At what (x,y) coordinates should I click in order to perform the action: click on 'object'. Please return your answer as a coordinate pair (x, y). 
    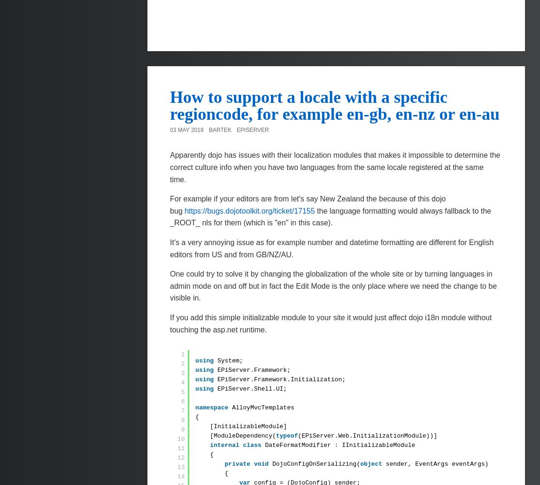
    Looking at the image, I should click on (360, 463).